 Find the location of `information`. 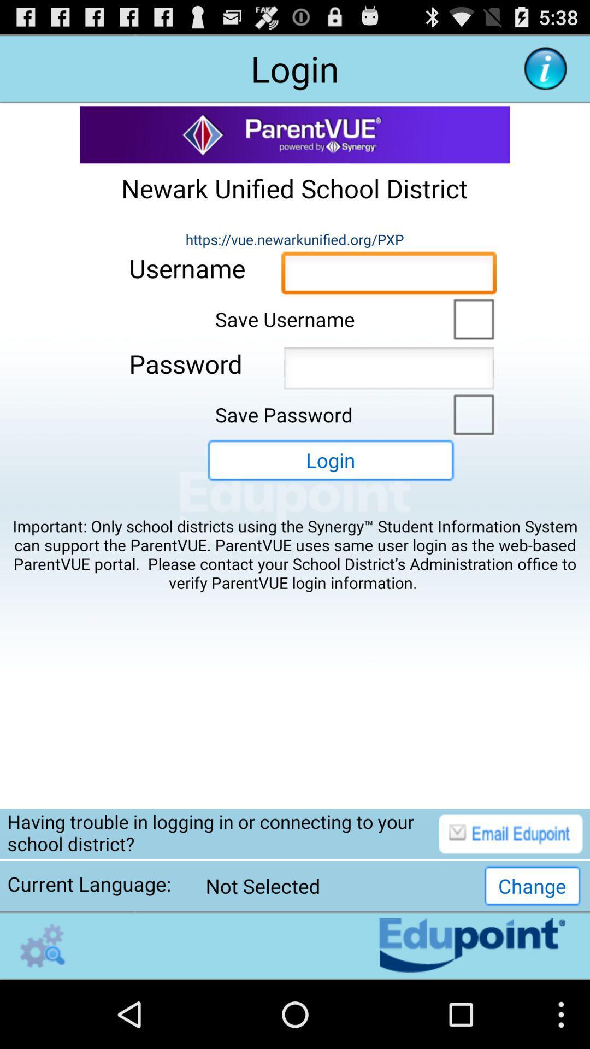

information is located at coordinates (545, 68).